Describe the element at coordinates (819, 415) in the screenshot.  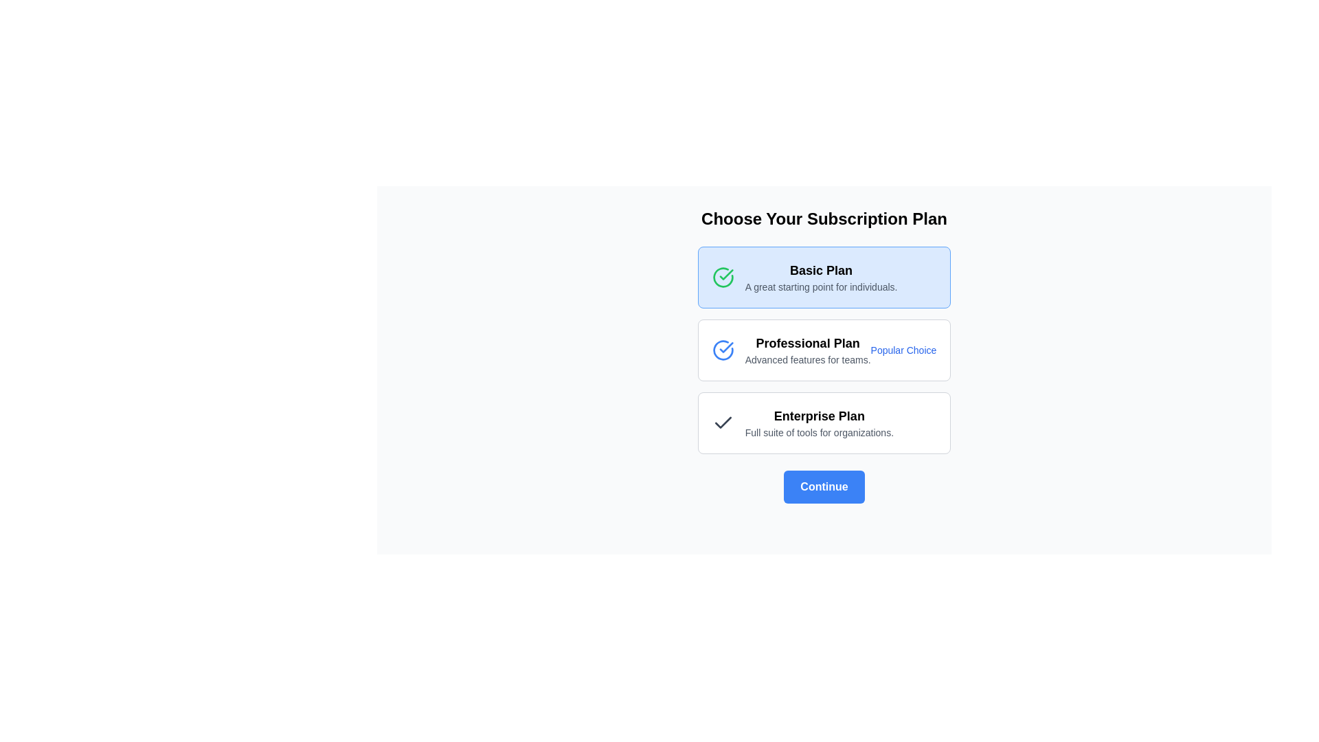
I see `the Static Text Label displaying 'Enterprise Plan', which is located at the top of the subscription option box in the subscription selection interface` at that location.